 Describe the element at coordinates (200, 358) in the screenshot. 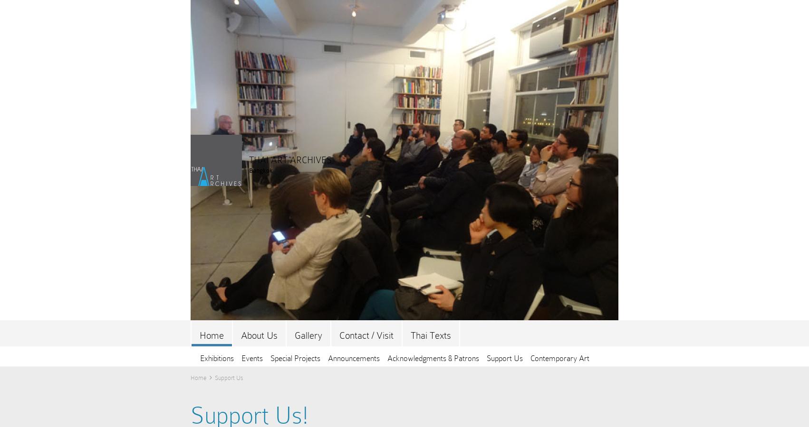

I see `'Exhibitions'` at that location.